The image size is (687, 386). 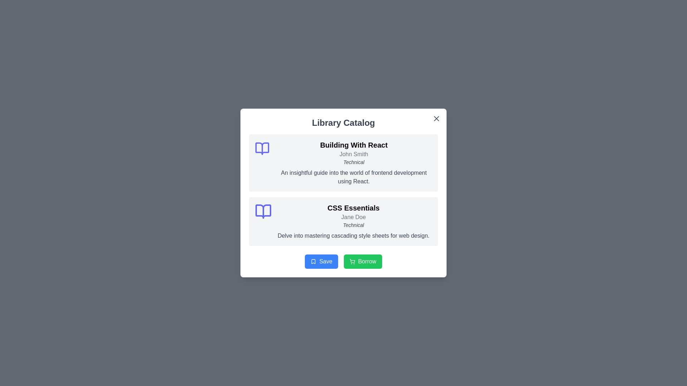 What do you see at coordinates (262, 148) in the screenshot?
I see `the open book icon in the Library Catalog modal, which is the left-most icon in the first book entry box labeled 'Building With React'` at bounding box center [262, 148].